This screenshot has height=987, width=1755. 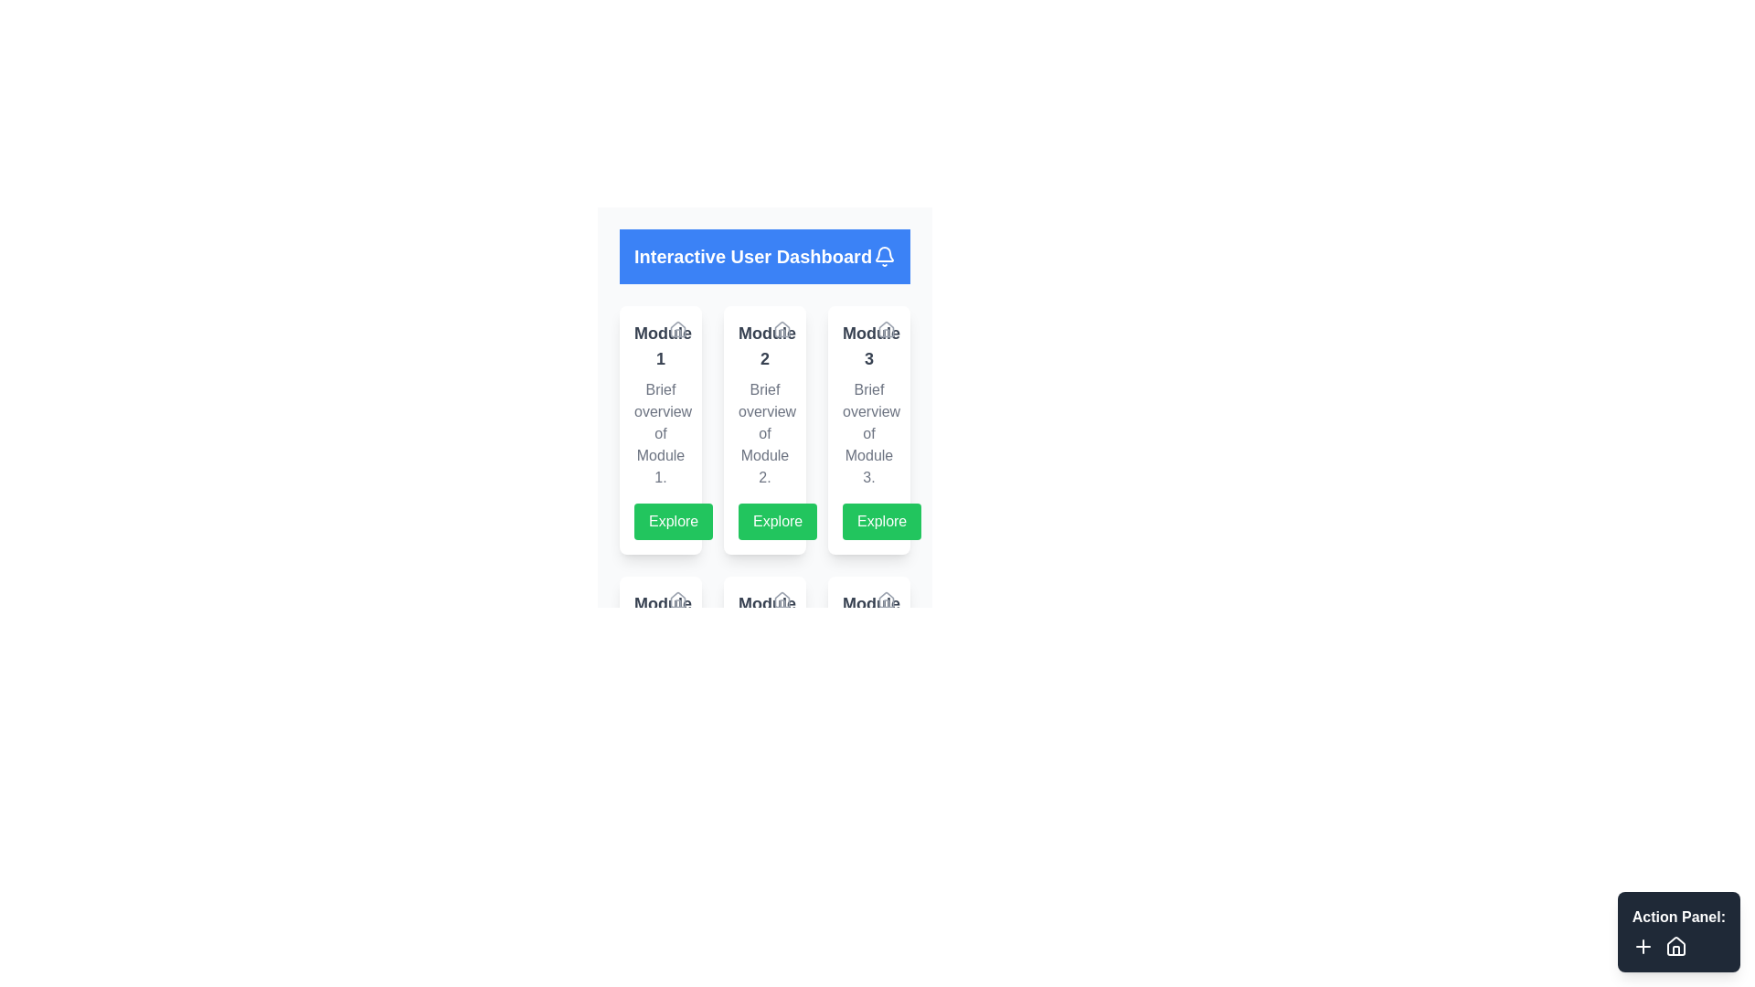 What do you see at coordinates (1678, 931) in the screenshot?
I see `the dark gray action panel located at the bottom-right corner of the interface, which contains the text 'Action Panel:' and two icons (plus sign and house icon)` at bounding box center [1678, 931].